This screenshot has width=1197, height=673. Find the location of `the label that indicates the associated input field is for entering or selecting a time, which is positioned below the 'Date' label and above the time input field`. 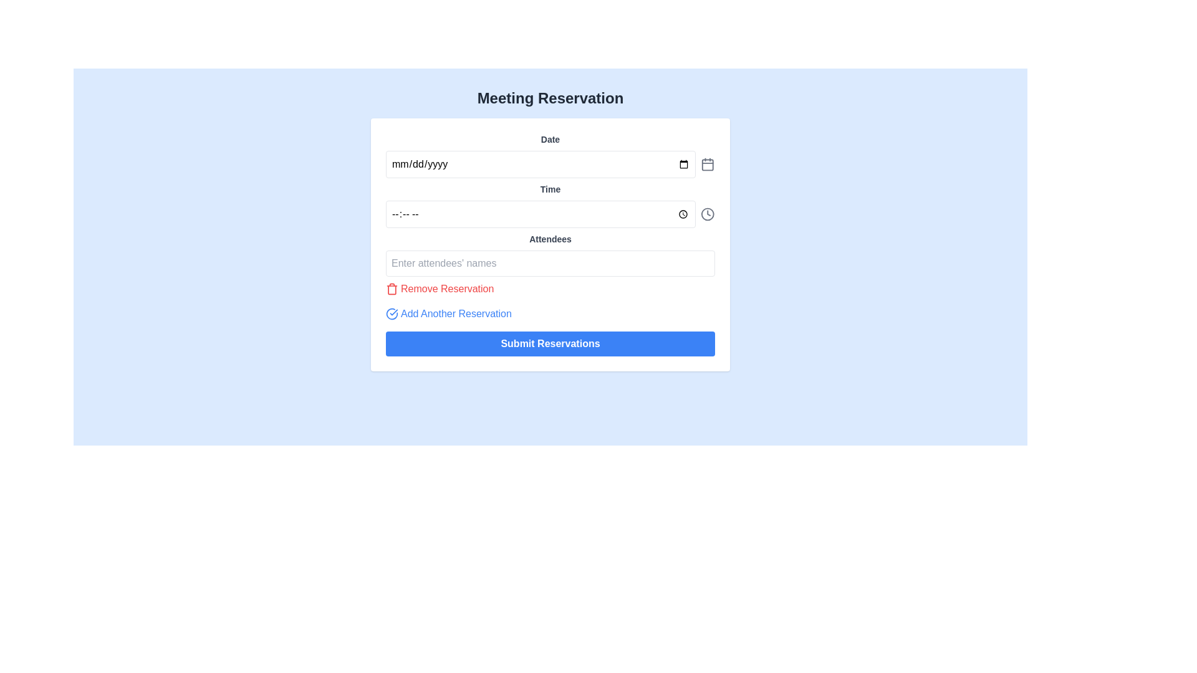

the label that indicates the associated input field is for entering or selecting a time, which is positioned below the 'Date' label and above the time input field is located at coordinates (550, 189).